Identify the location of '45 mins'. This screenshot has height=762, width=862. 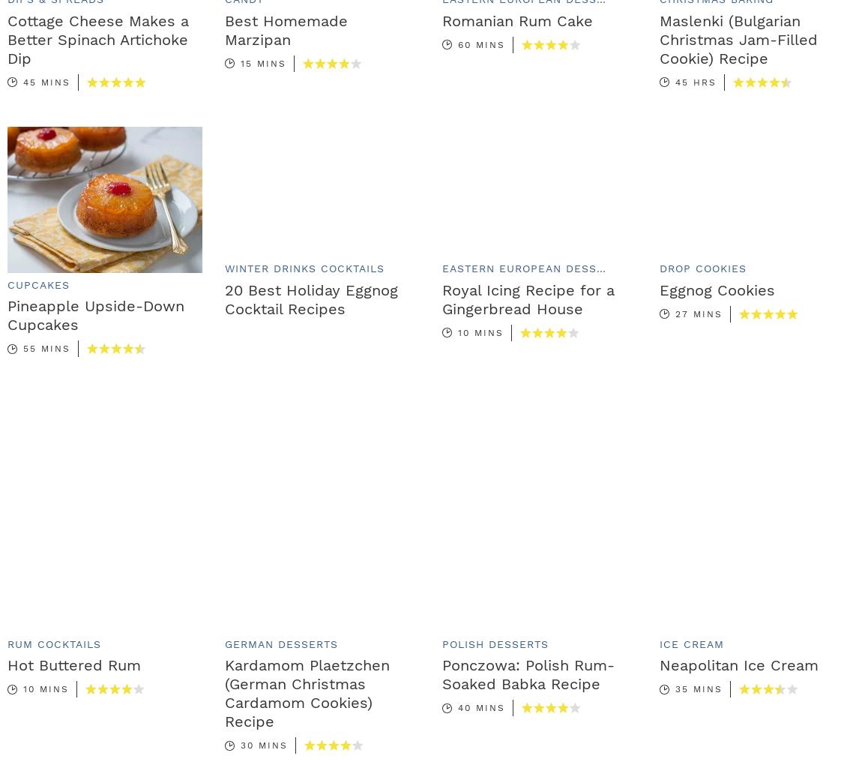
(46, 82).